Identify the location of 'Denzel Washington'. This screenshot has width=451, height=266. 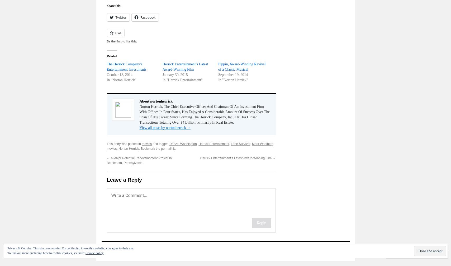
(182, 143).